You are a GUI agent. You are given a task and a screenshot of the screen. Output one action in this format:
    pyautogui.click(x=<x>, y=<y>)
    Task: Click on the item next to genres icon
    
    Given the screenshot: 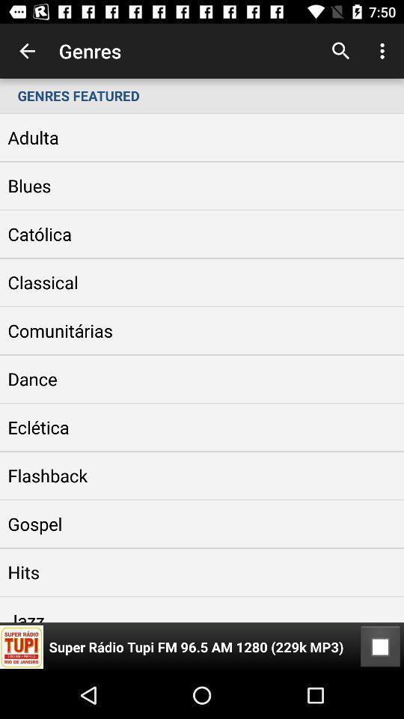 What is the action you would take?
    pyautogui.click(x=27, y=51)
    